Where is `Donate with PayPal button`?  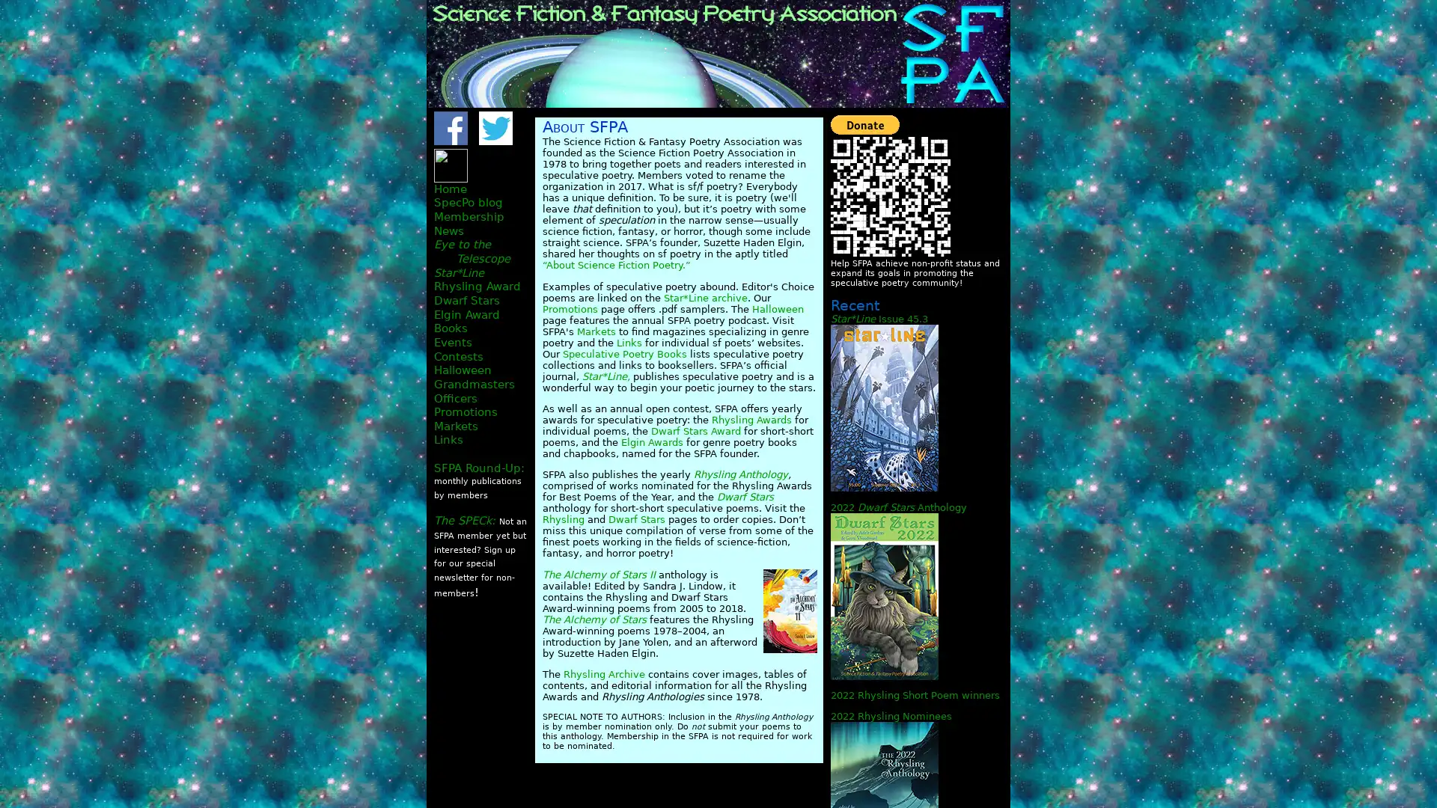
Donate with PayPal button is located at coordinates (865, 123).